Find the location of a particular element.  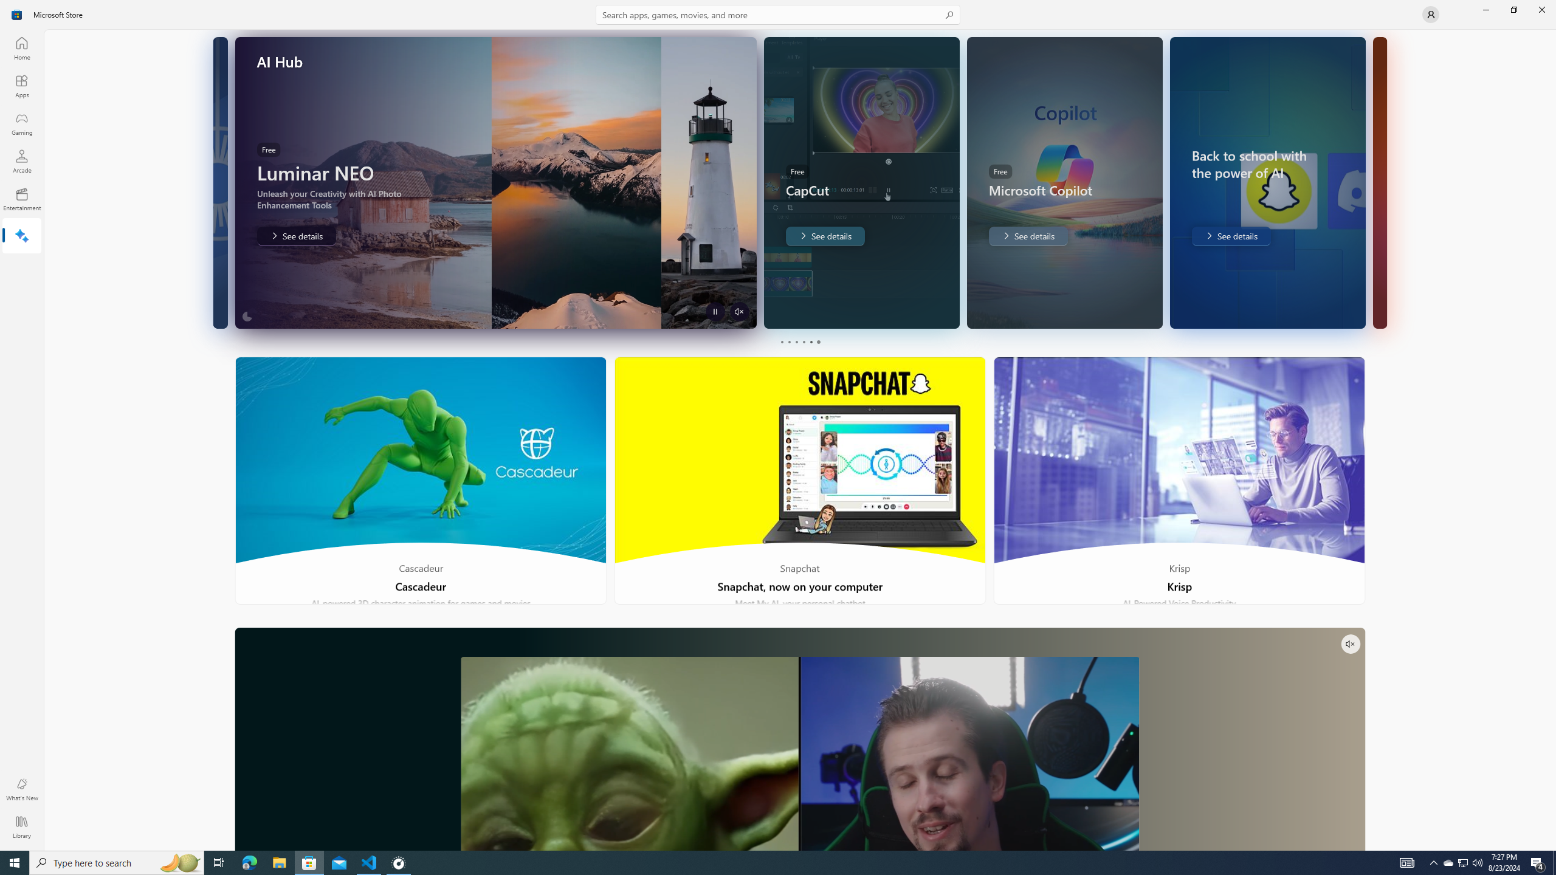

'What' is located at coordinates (21, 789).